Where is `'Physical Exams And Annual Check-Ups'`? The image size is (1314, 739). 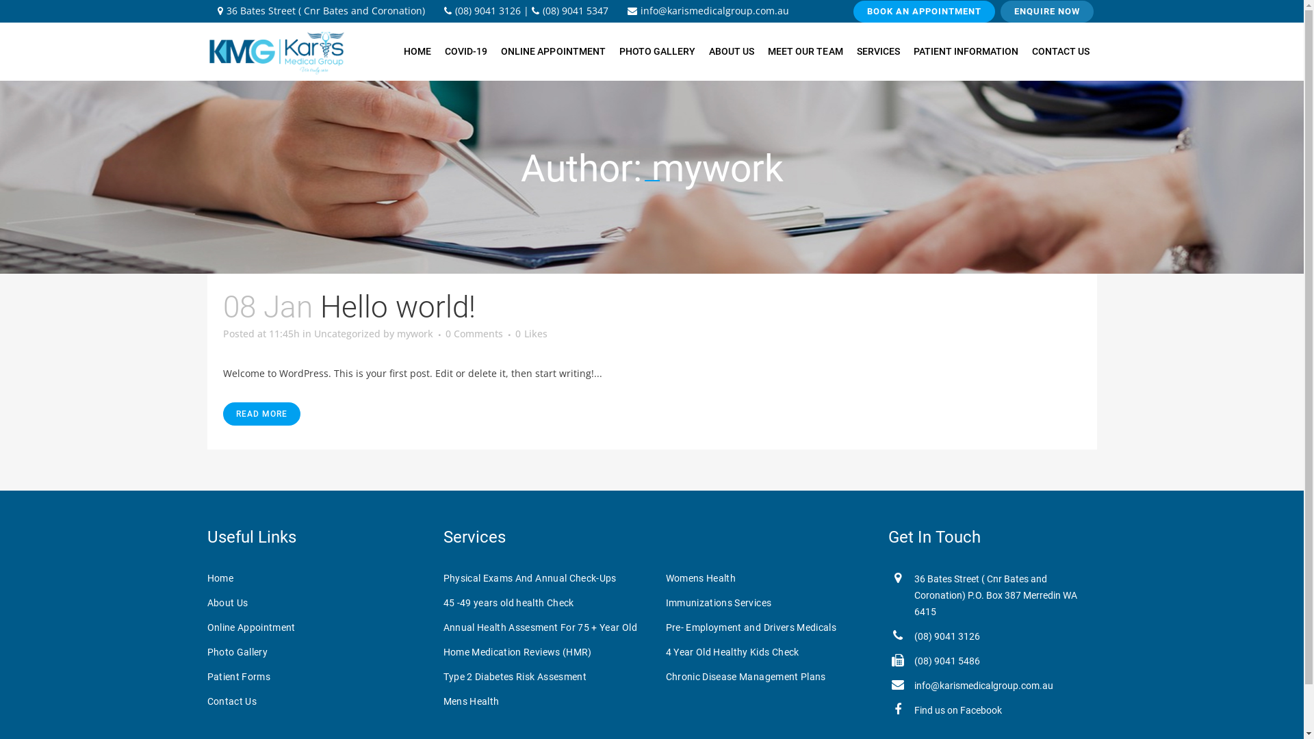
'Physical Exams And Annual Check-Ups' is located at coordinates (543, 578).